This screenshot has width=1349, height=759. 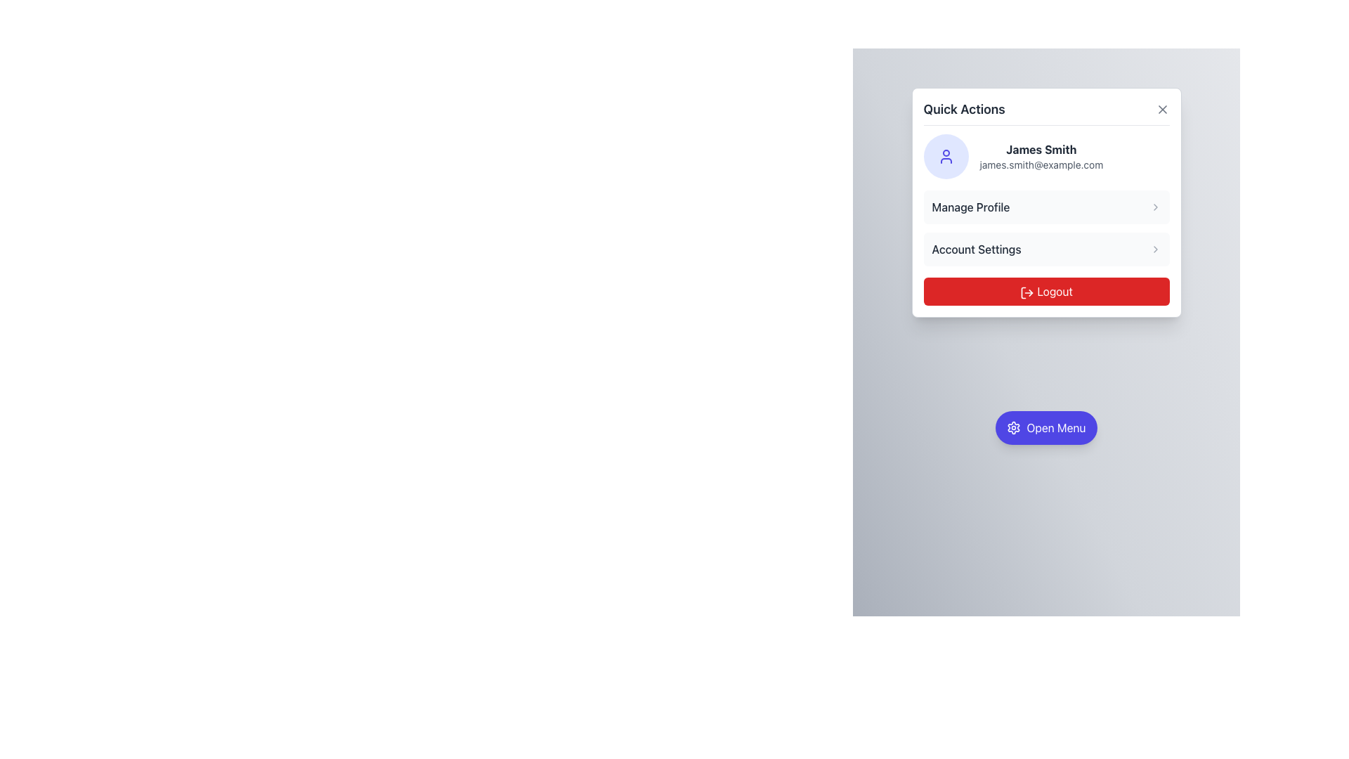 What do you see at coordinates (1041, 157) in the screenshot?
I see `the text display that shows the user's name and email address, located in the top section of the 'Quick Actions' card` at bounding box center [1041, 157].